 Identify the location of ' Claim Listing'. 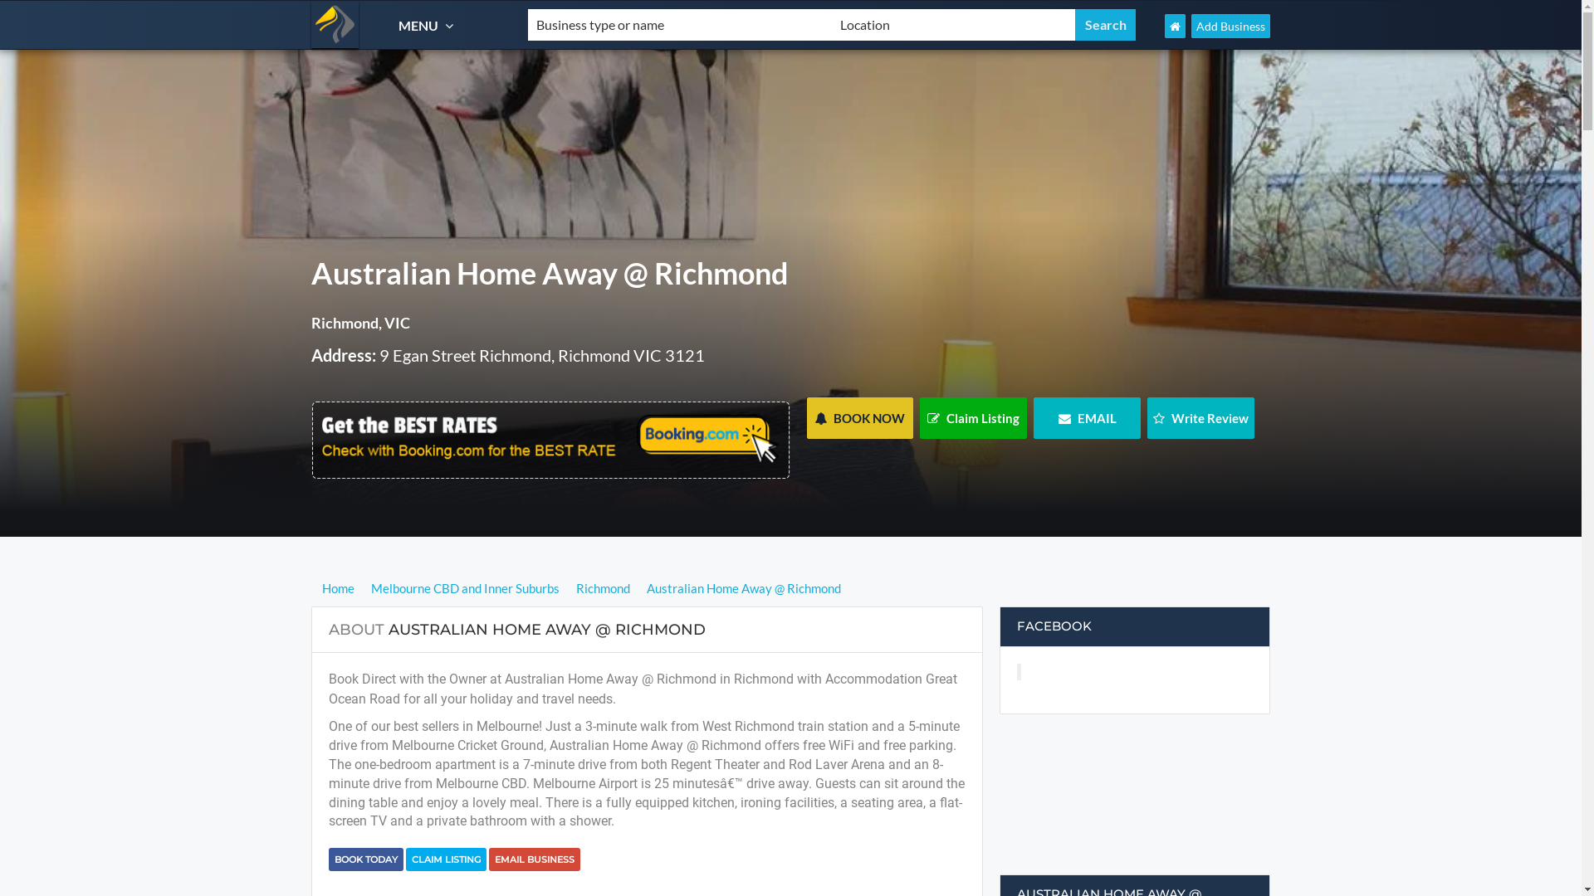
(973, 417).